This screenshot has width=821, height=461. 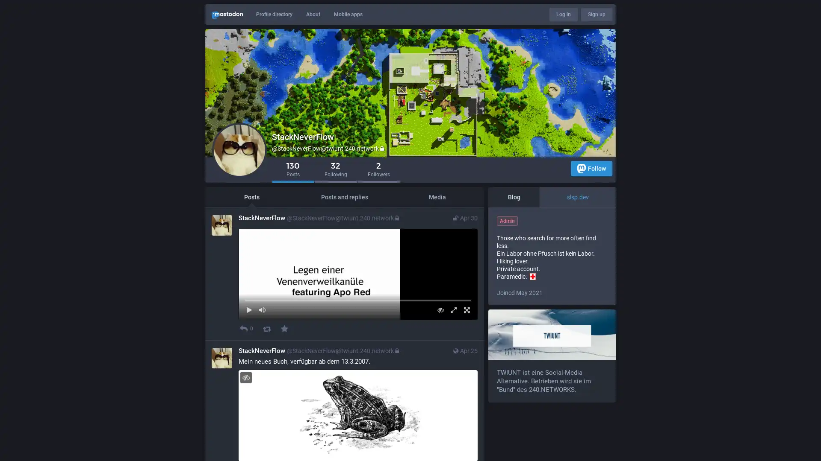 What do you see at coordinates (453, 353) in the screenshot?
I see `Expand video` at bounding box center [453, 353].